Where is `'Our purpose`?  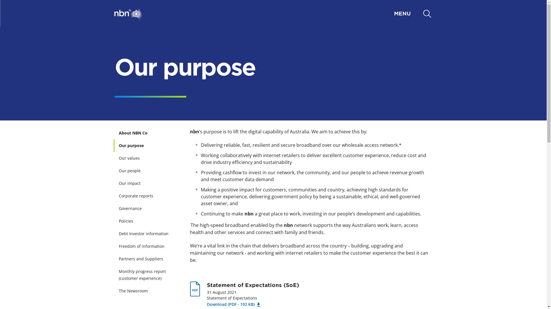
'Our purpose is located at coordinates (147, 145).